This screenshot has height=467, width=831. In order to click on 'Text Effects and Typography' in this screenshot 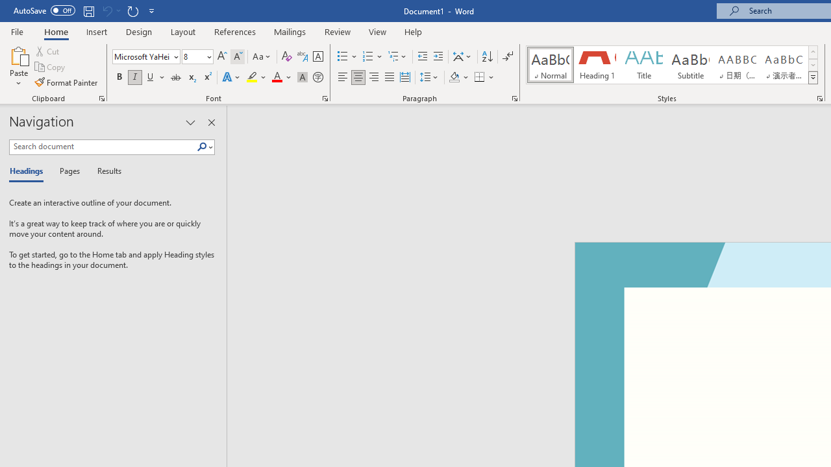, I will do `click(232, 77)`.